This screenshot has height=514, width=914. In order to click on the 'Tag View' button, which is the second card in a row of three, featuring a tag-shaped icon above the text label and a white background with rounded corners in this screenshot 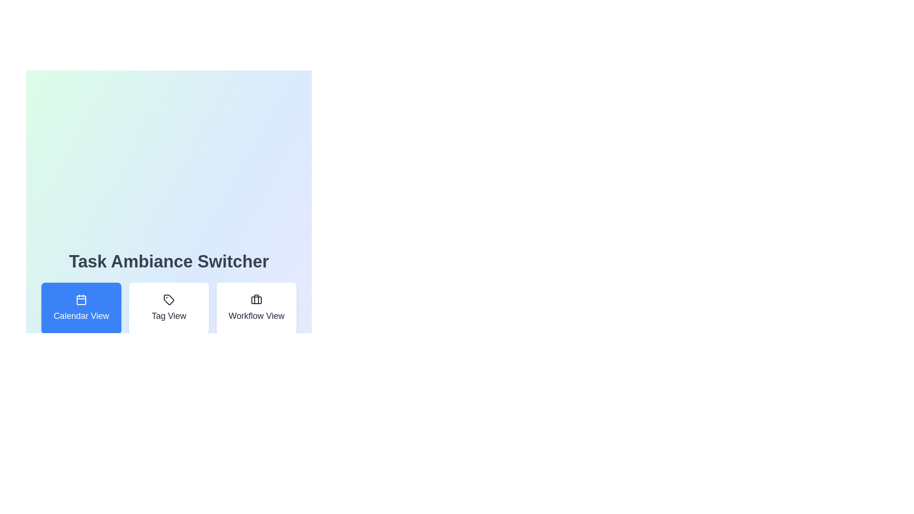, I will do `click(169, 308)`.